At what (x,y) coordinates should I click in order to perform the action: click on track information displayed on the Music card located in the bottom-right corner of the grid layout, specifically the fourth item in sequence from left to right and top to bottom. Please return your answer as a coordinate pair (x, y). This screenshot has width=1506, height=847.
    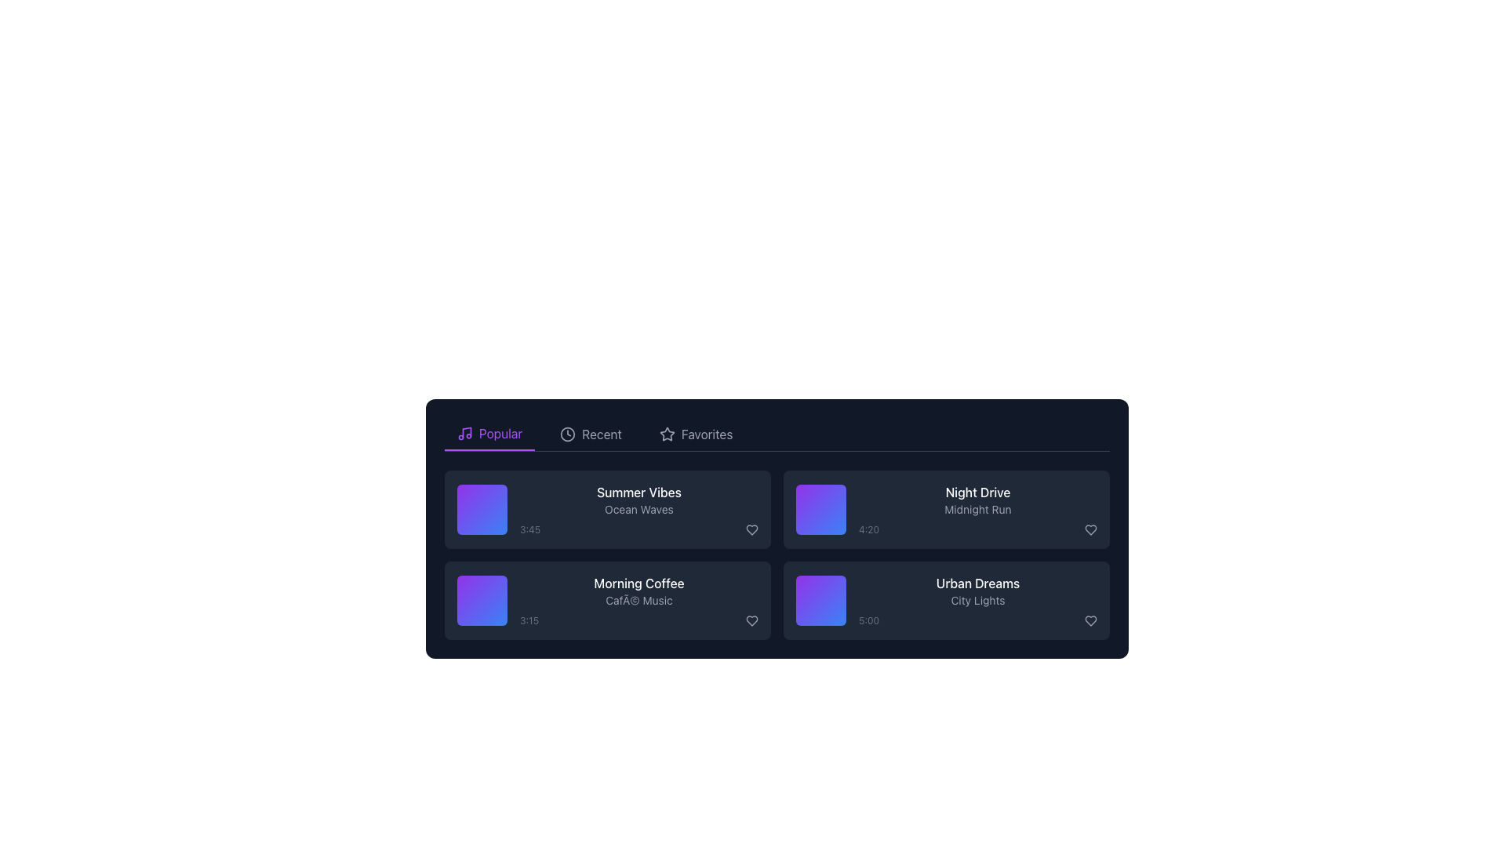
    Looking at the image, I should click on (945, 600).